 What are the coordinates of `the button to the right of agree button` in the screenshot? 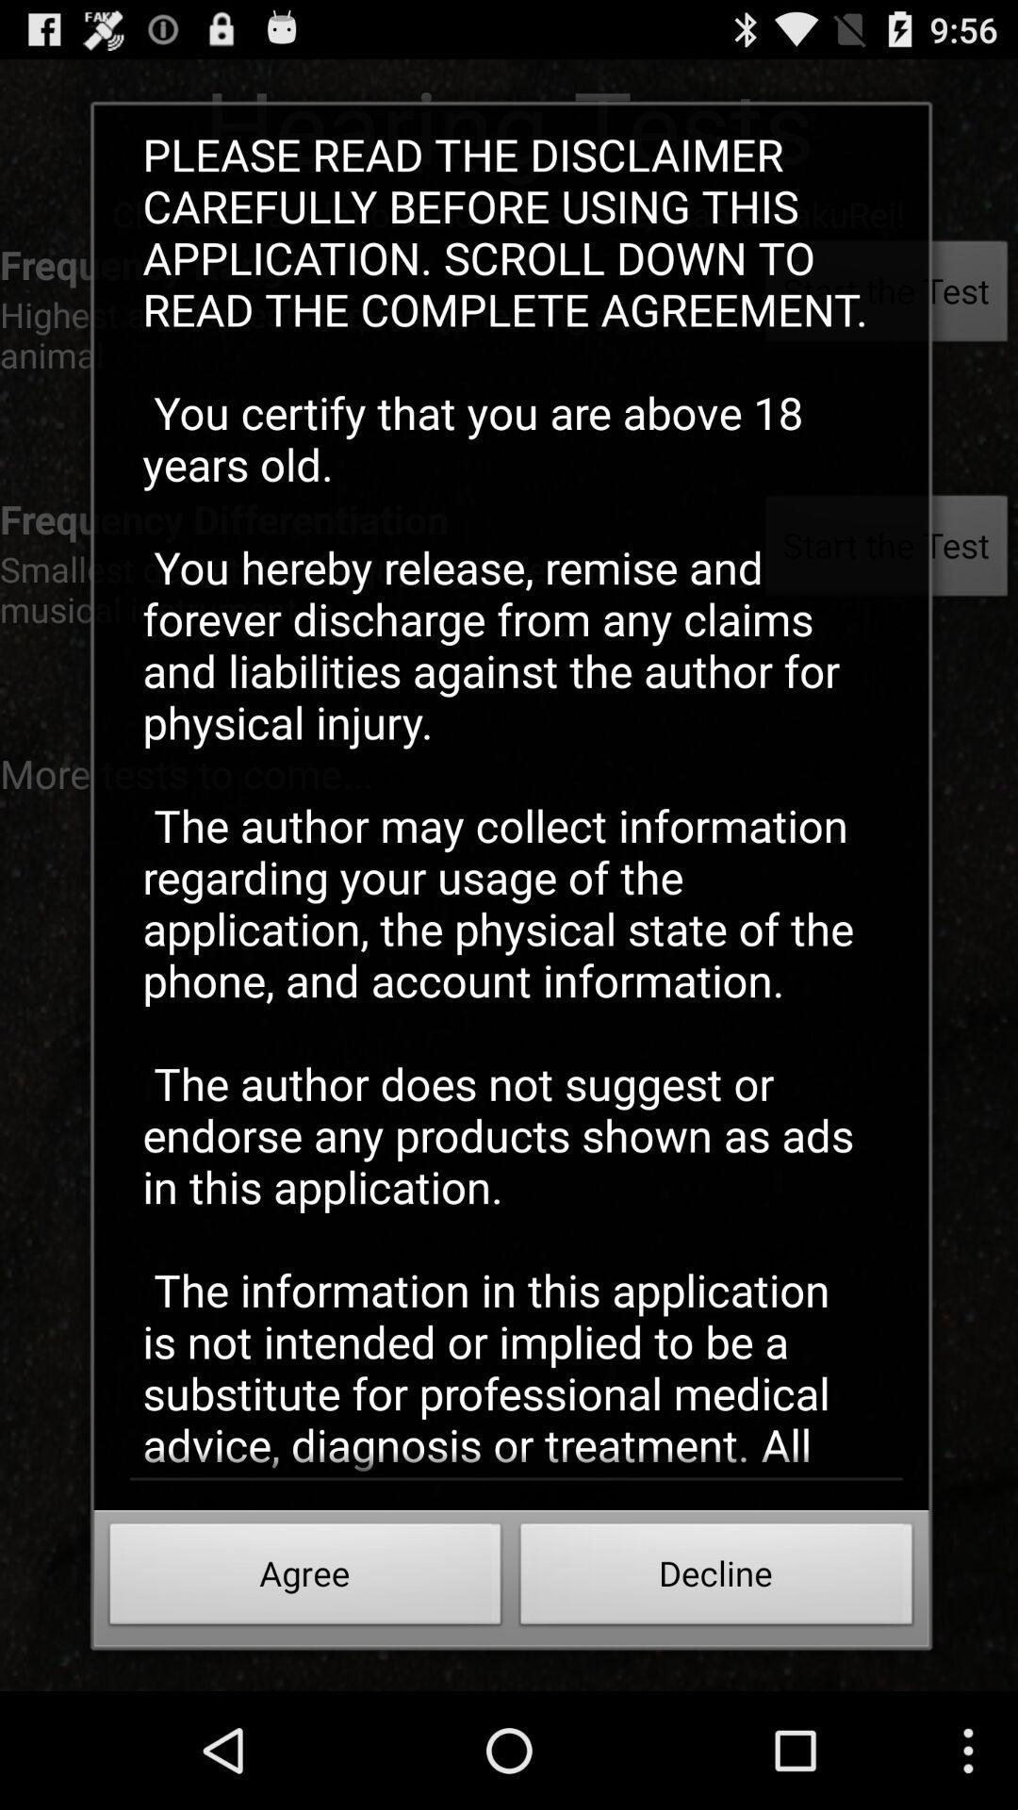 It's located at (716, 1579).